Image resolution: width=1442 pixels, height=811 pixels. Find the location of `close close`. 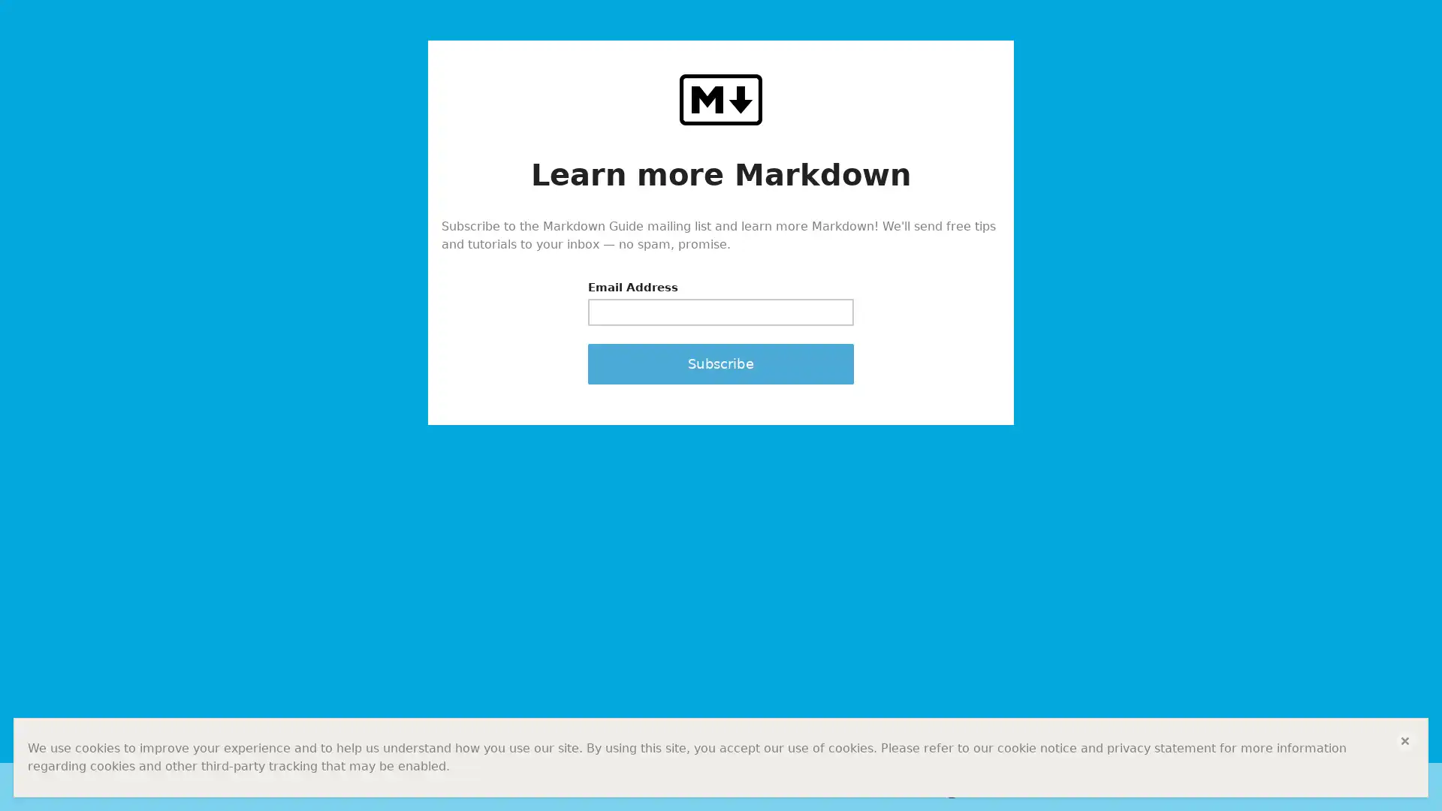

close close is located at coordinates (1404, 740).